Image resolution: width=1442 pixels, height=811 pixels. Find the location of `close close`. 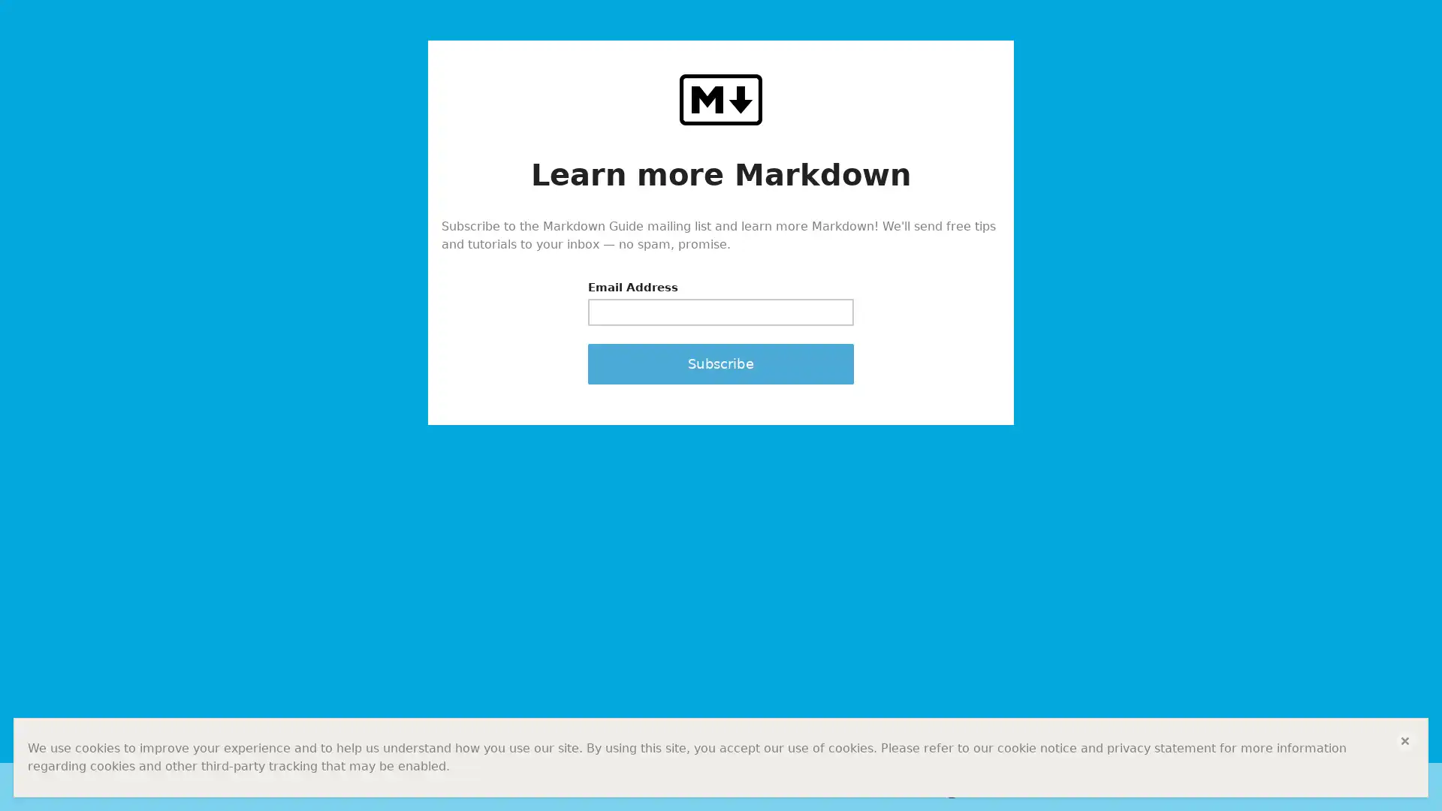

close close is located at coordinates (1404, 740).